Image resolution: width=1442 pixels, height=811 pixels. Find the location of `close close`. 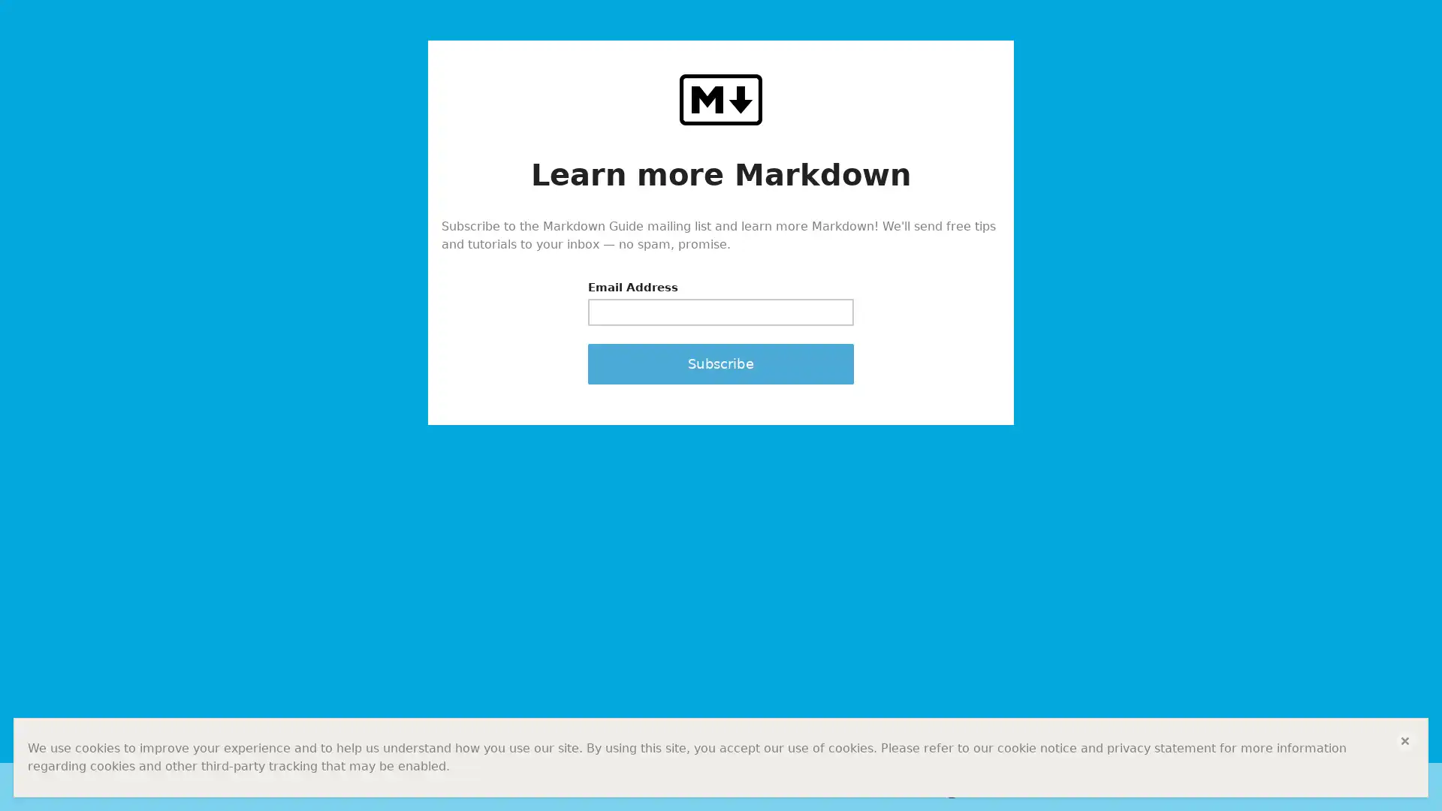

close close is located at coordinates (1404, 740).